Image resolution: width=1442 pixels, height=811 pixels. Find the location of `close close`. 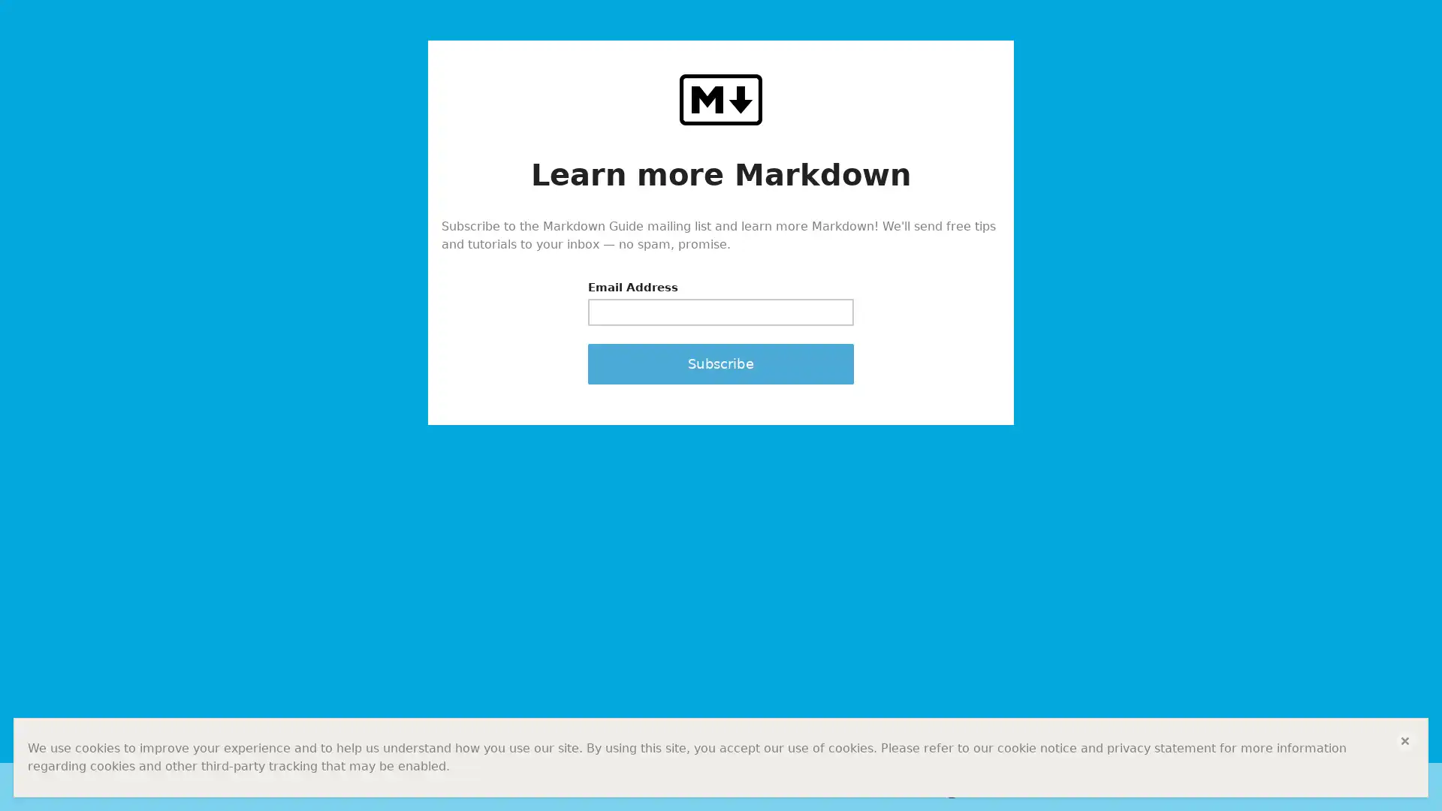

close close is located at coordinates (1404, 740).